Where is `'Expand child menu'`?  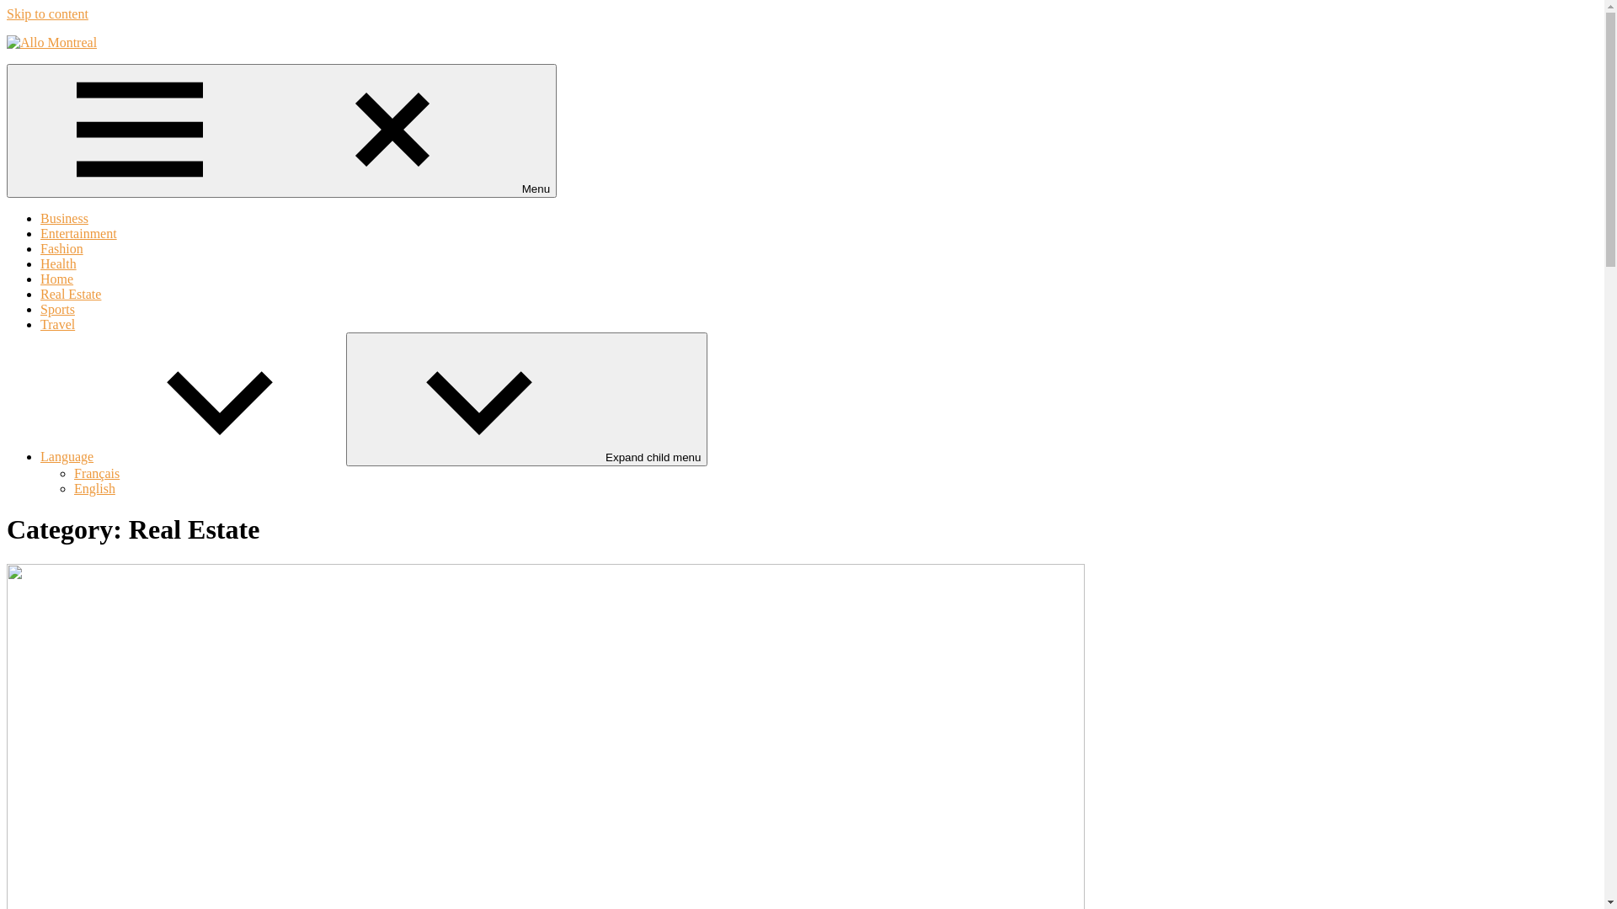
'Expand child menu' is located at coordinates (345, 399).